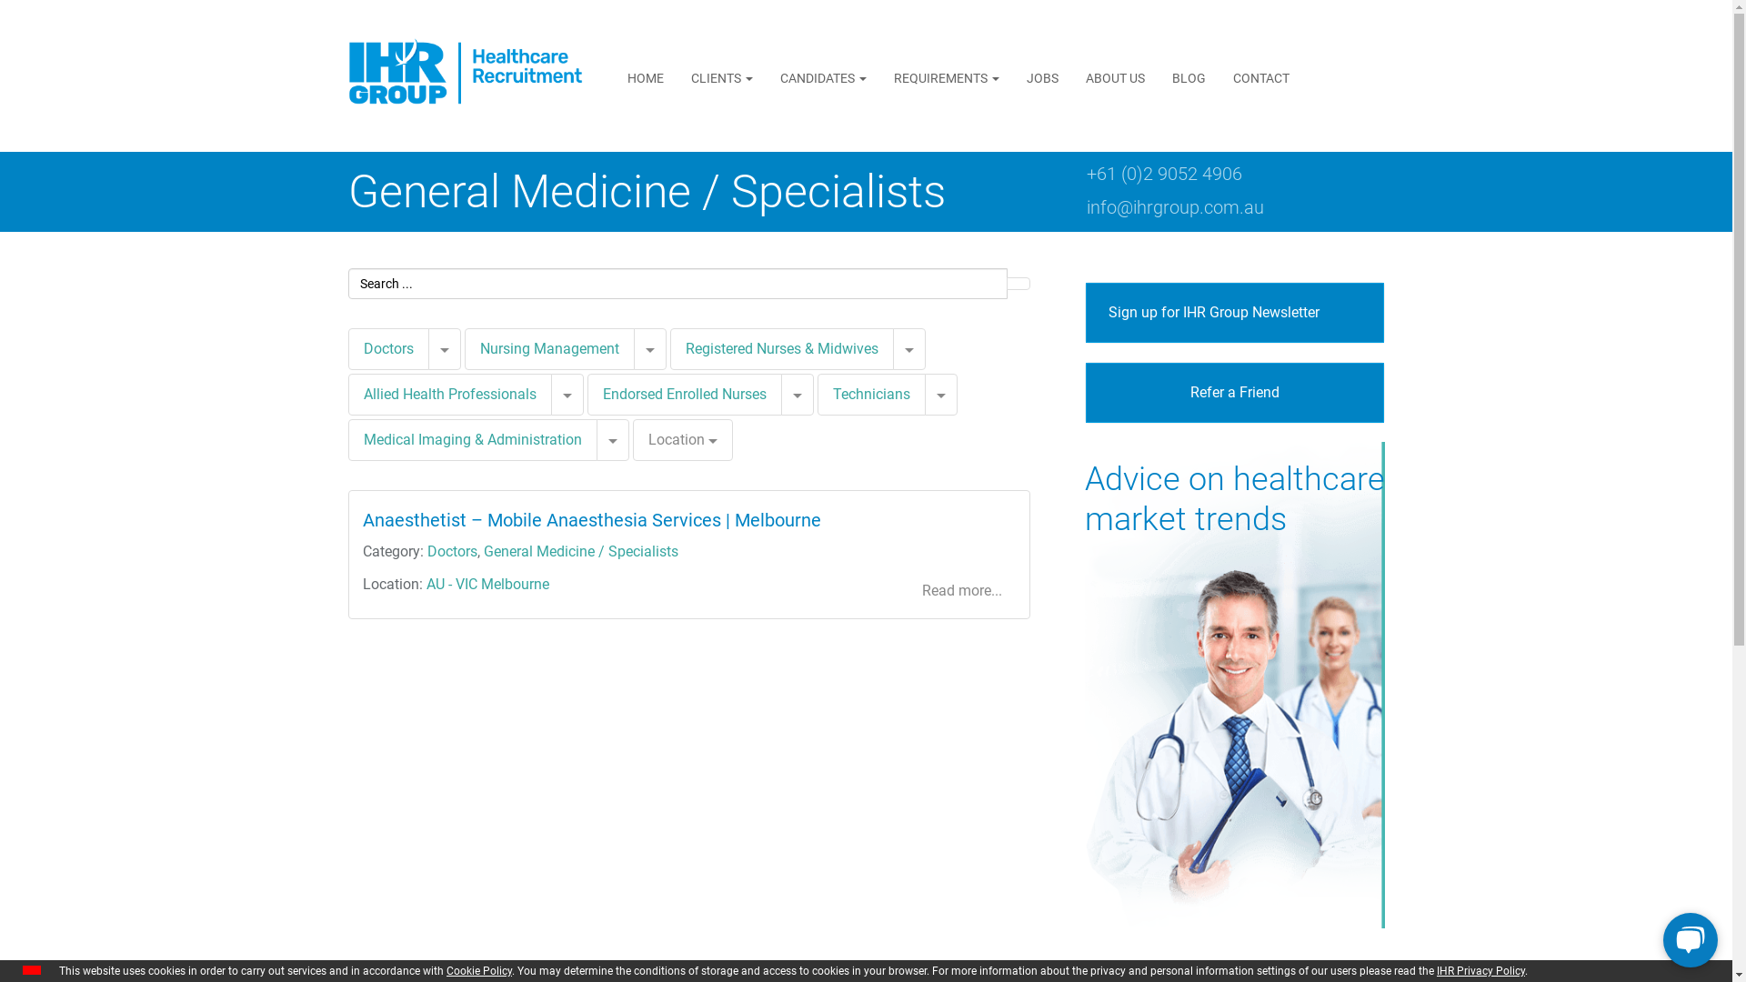 This screenshot has width=1746, height=982. Describe the element at coordinates (31, 969) in the screenshot. I see `'Zamknij okno'` at that location.